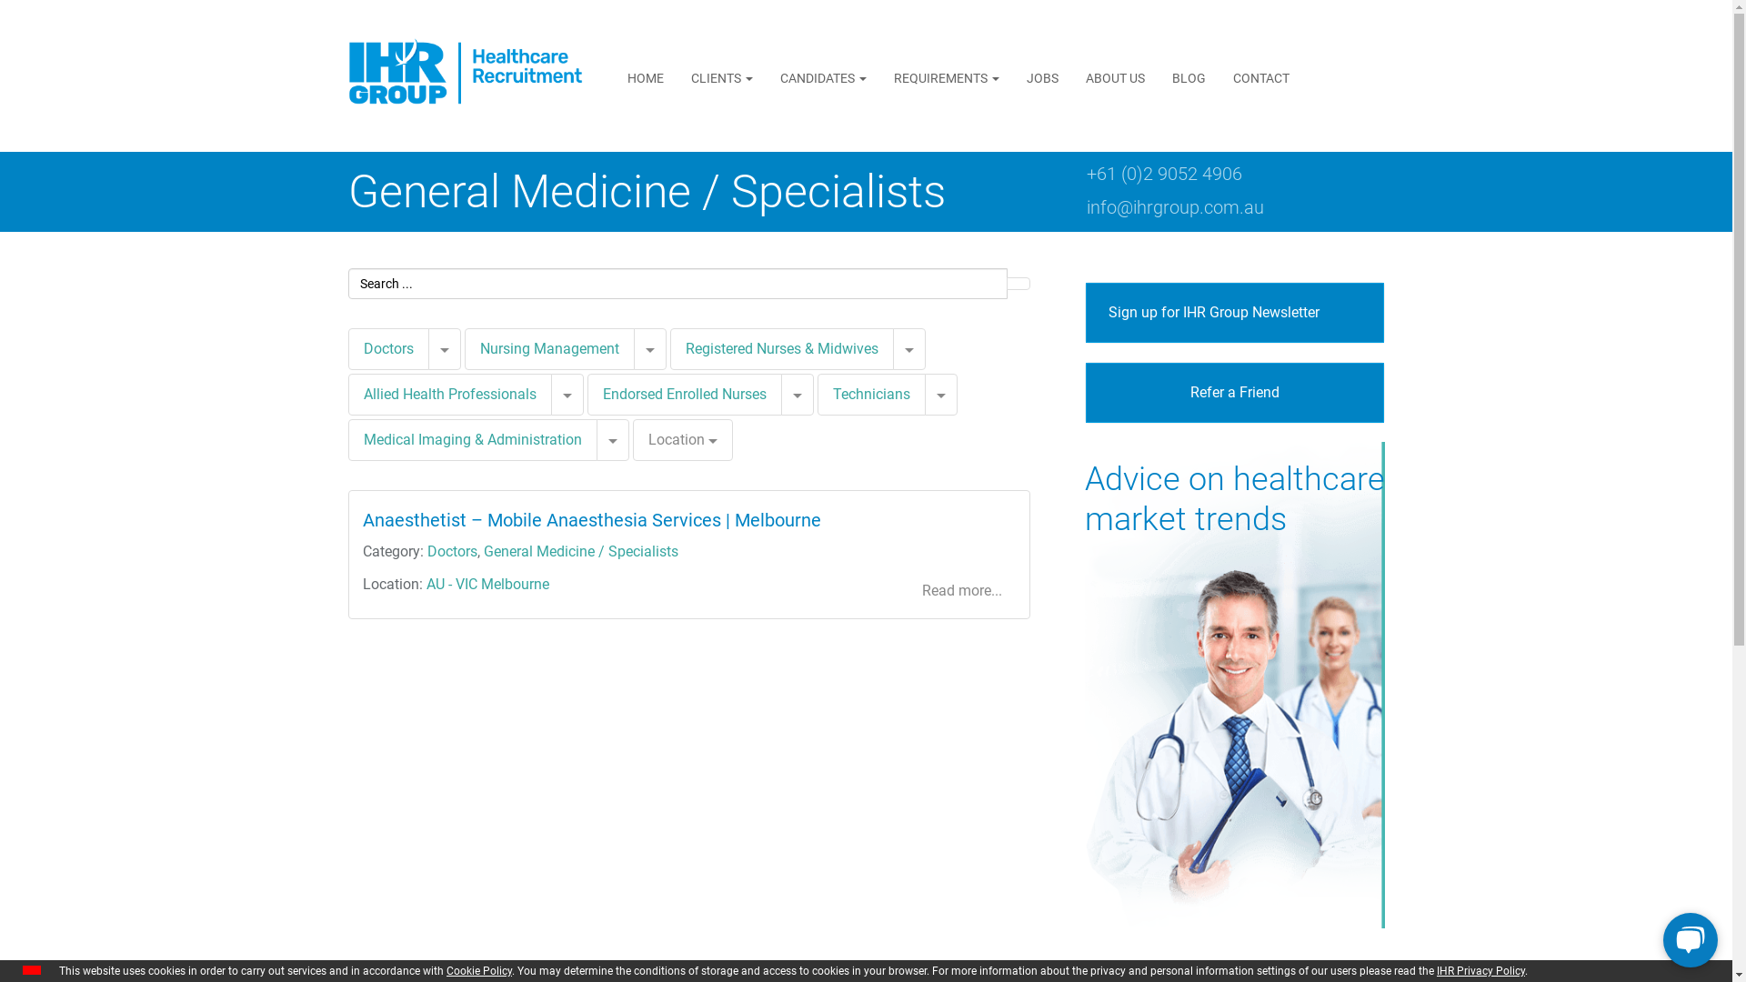 This screenshot has width=1746, height=982. Describe the element at coordinates (31, 969) in the screenshot. I see `'Zamknij okno'` at that location.